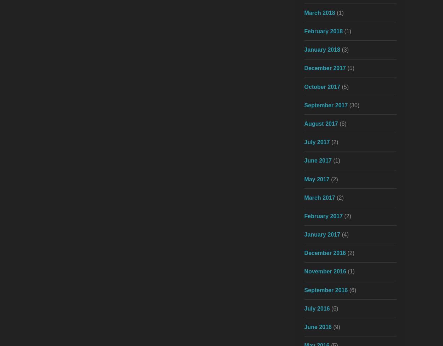 The height and width of the screenshot is (346, 443). Describe the element at coordinates (323, 31) in the screenshot. I see `'February 2018'` at that location.